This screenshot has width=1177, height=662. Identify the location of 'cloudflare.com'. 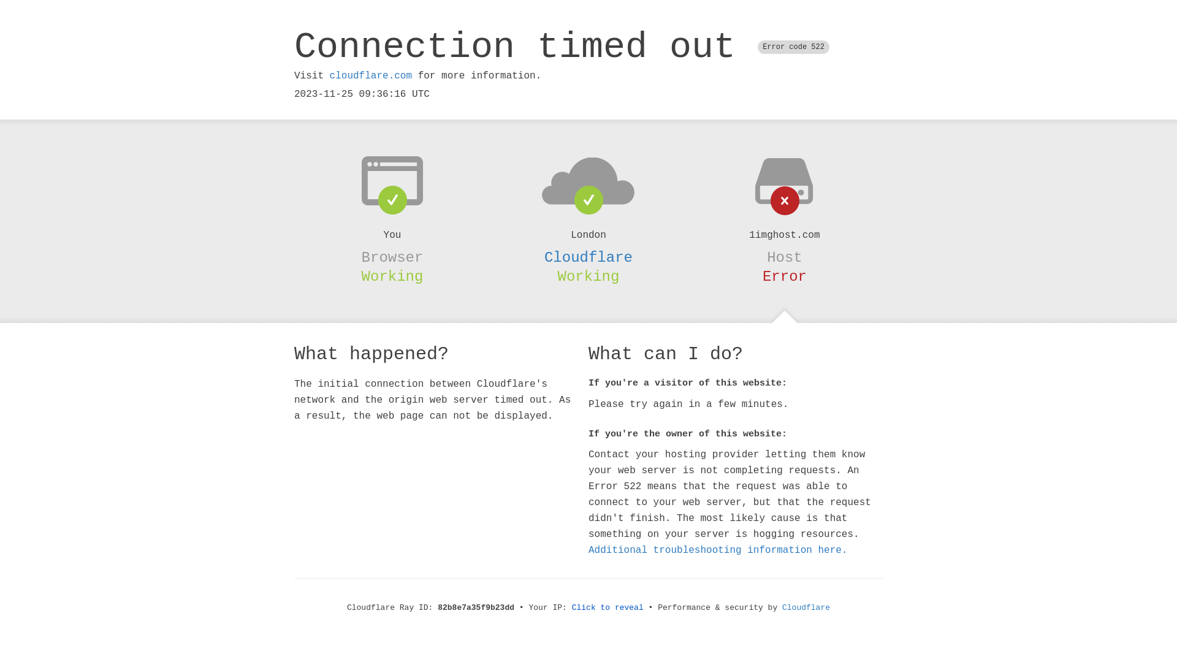
(329, 75).